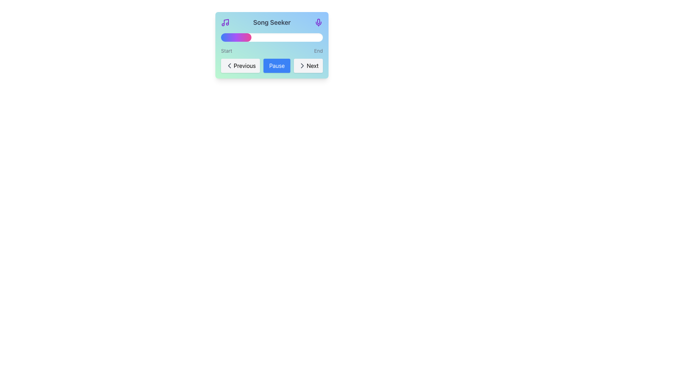  I want to click on the third button in the horizontal group at the bottom of the card to visualize the hover effect, so click(308, 65).